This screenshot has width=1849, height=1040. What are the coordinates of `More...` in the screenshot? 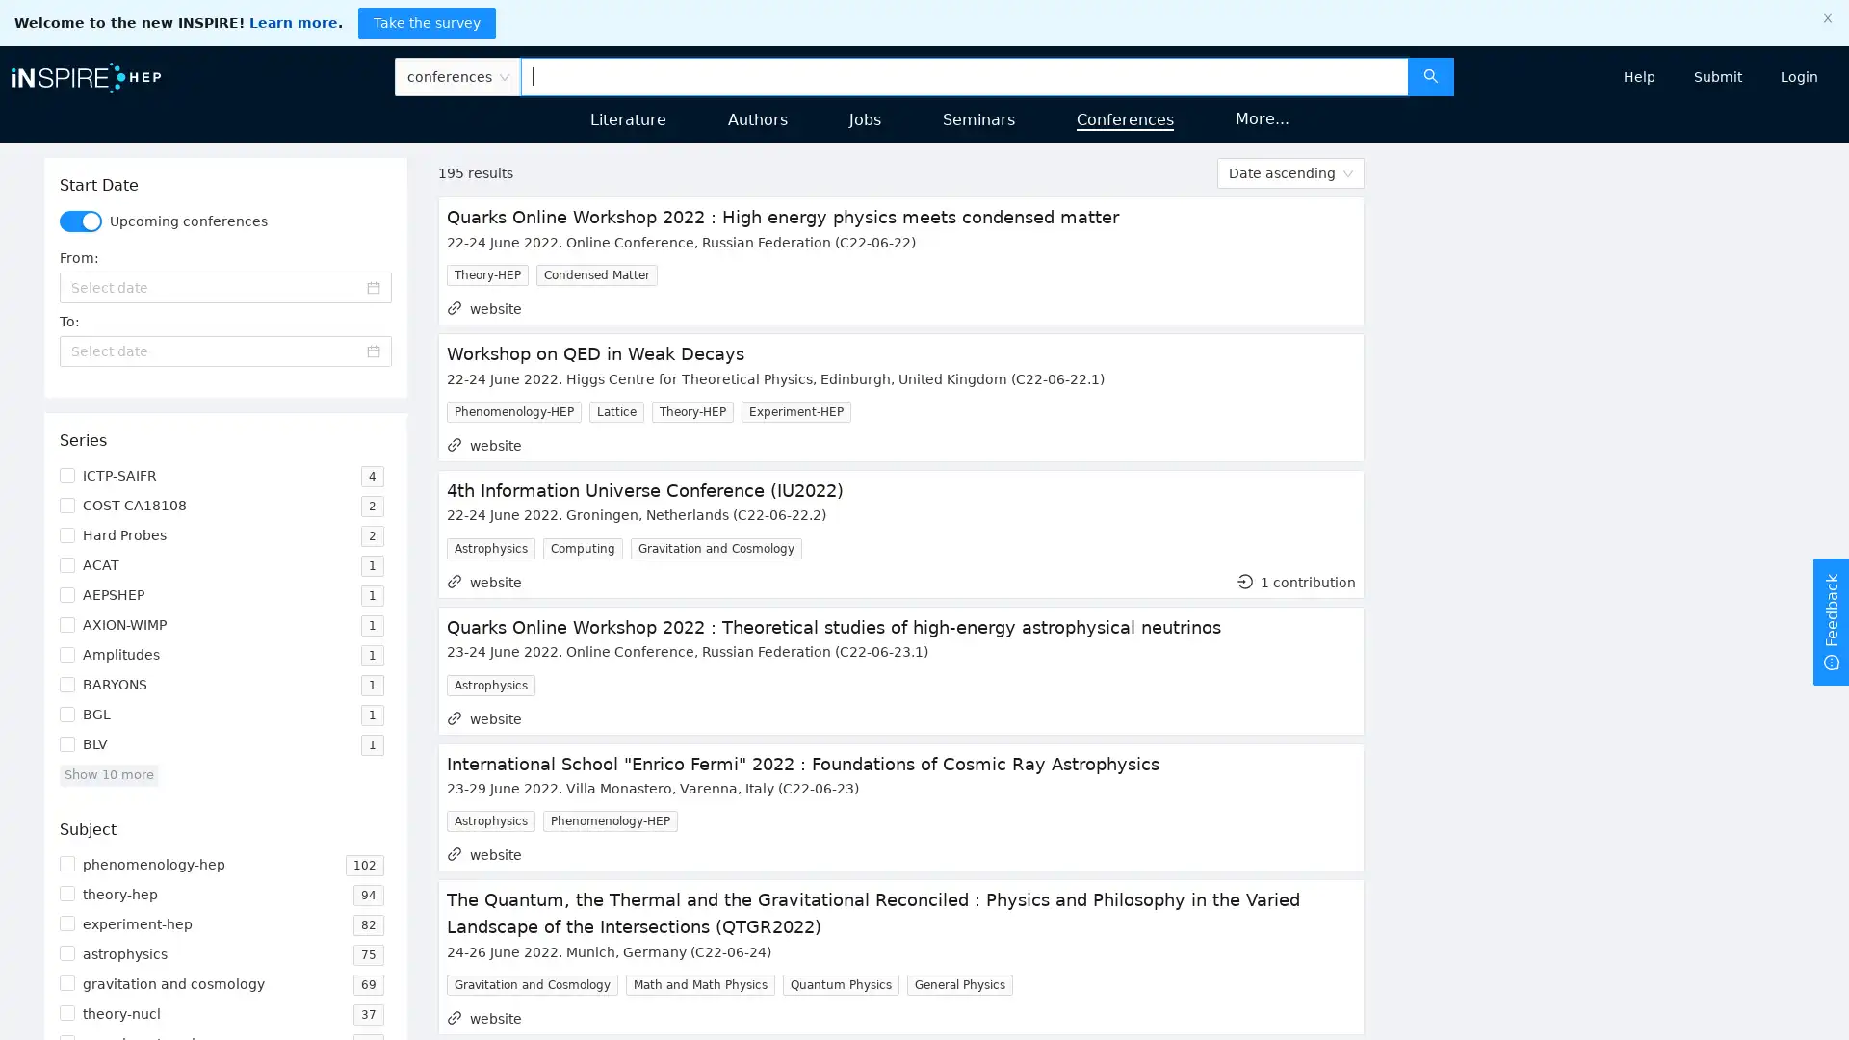 It's located at (1262, 118).